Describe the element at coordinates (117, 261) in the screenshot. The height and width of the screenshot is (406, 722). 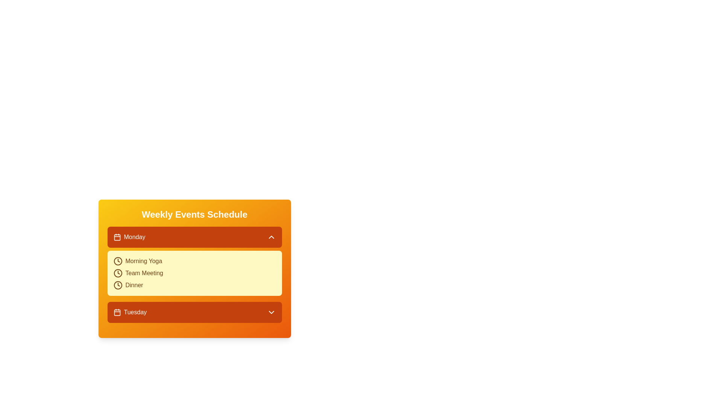
I see `the clock icon for the Morning Yoga event` at that location.